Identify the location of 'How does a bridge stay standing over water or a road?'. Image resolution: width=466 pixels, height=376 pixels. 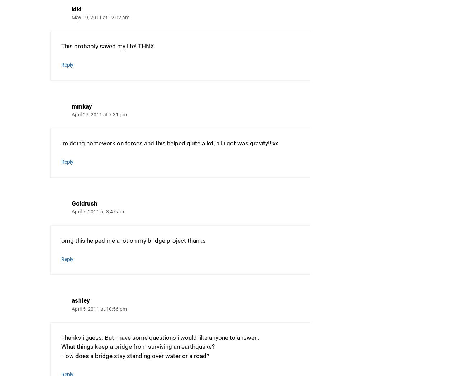
(61, 355).